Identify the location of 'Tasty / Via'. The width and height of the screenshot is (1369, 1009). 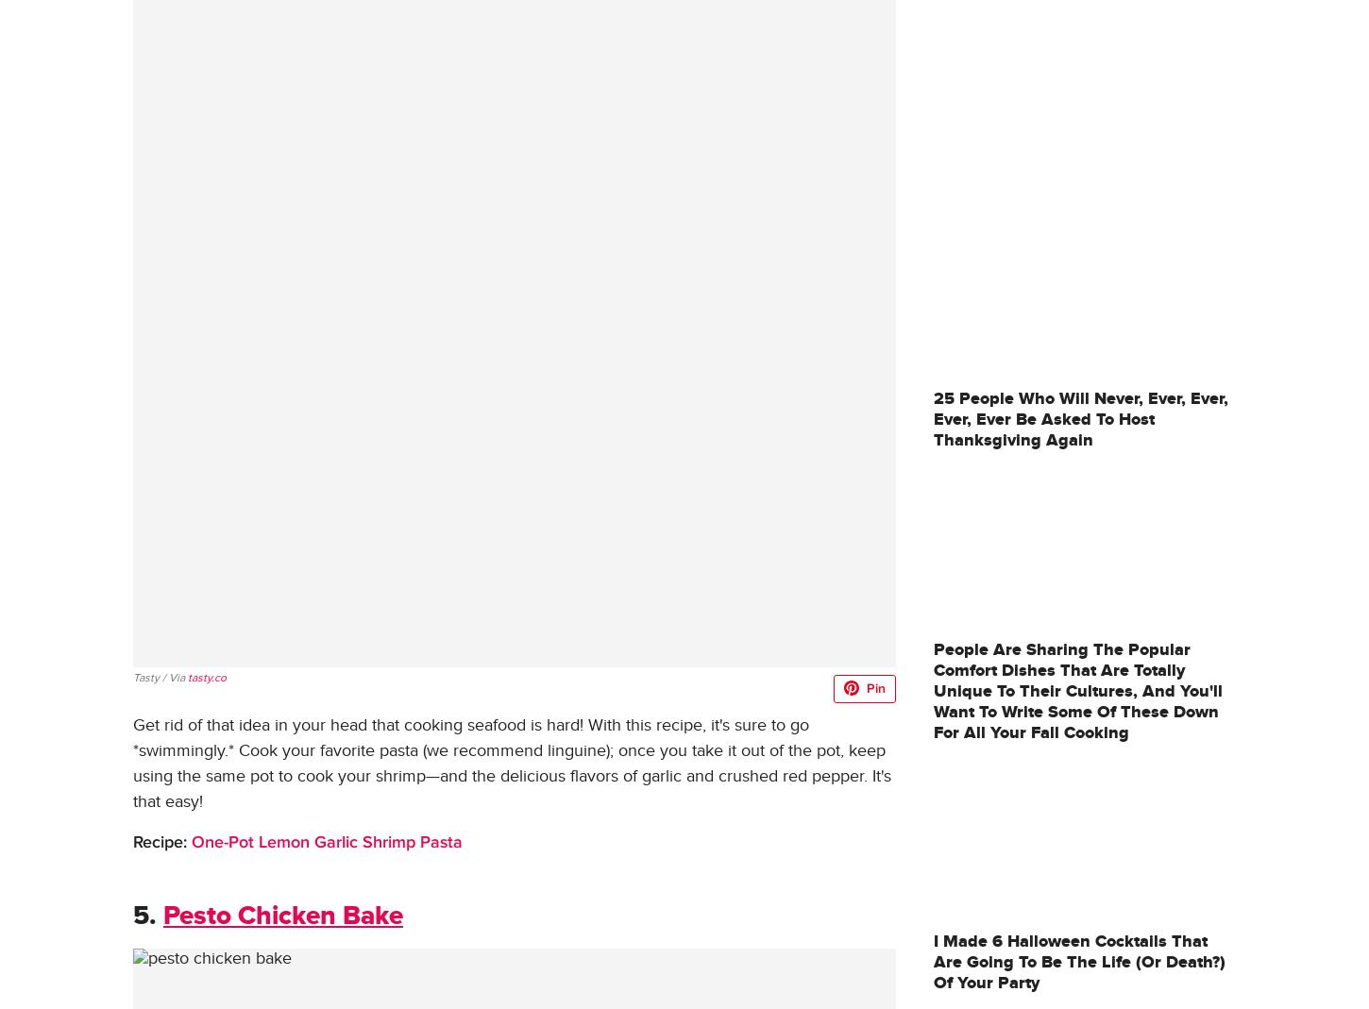
(159, 677).